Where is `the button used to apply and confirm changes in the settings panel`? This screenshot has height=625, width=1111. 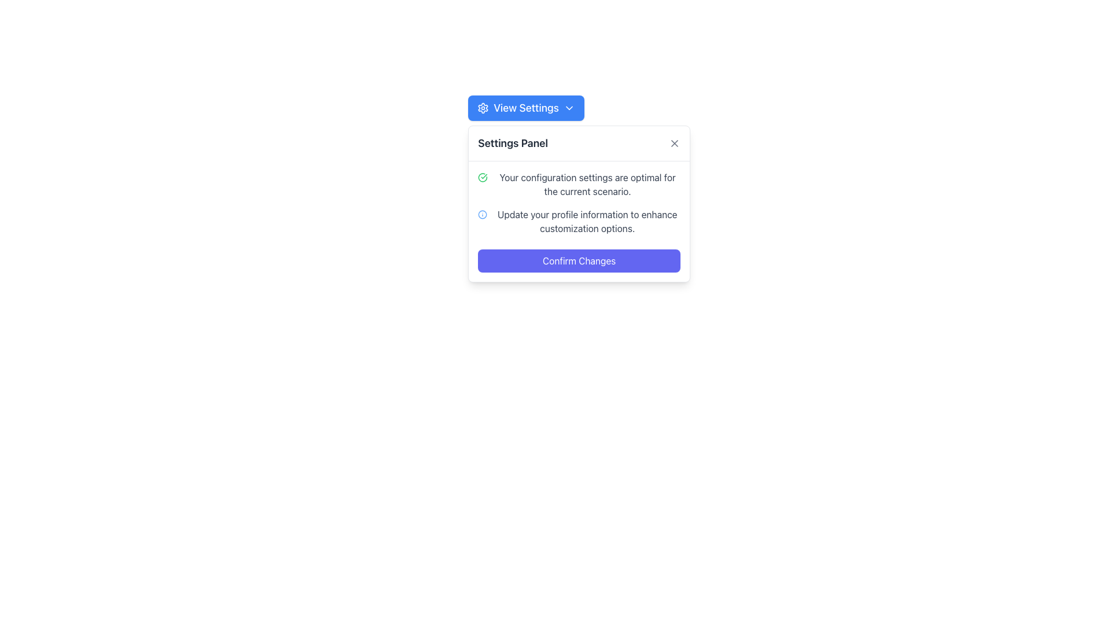 the button used to apply and confirm changes in the settings panel is located at coordinates (579, 261).